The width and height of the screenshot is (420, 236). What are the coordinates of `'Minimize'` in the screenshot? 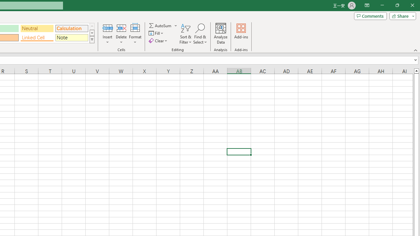 It's located at (382, 5).